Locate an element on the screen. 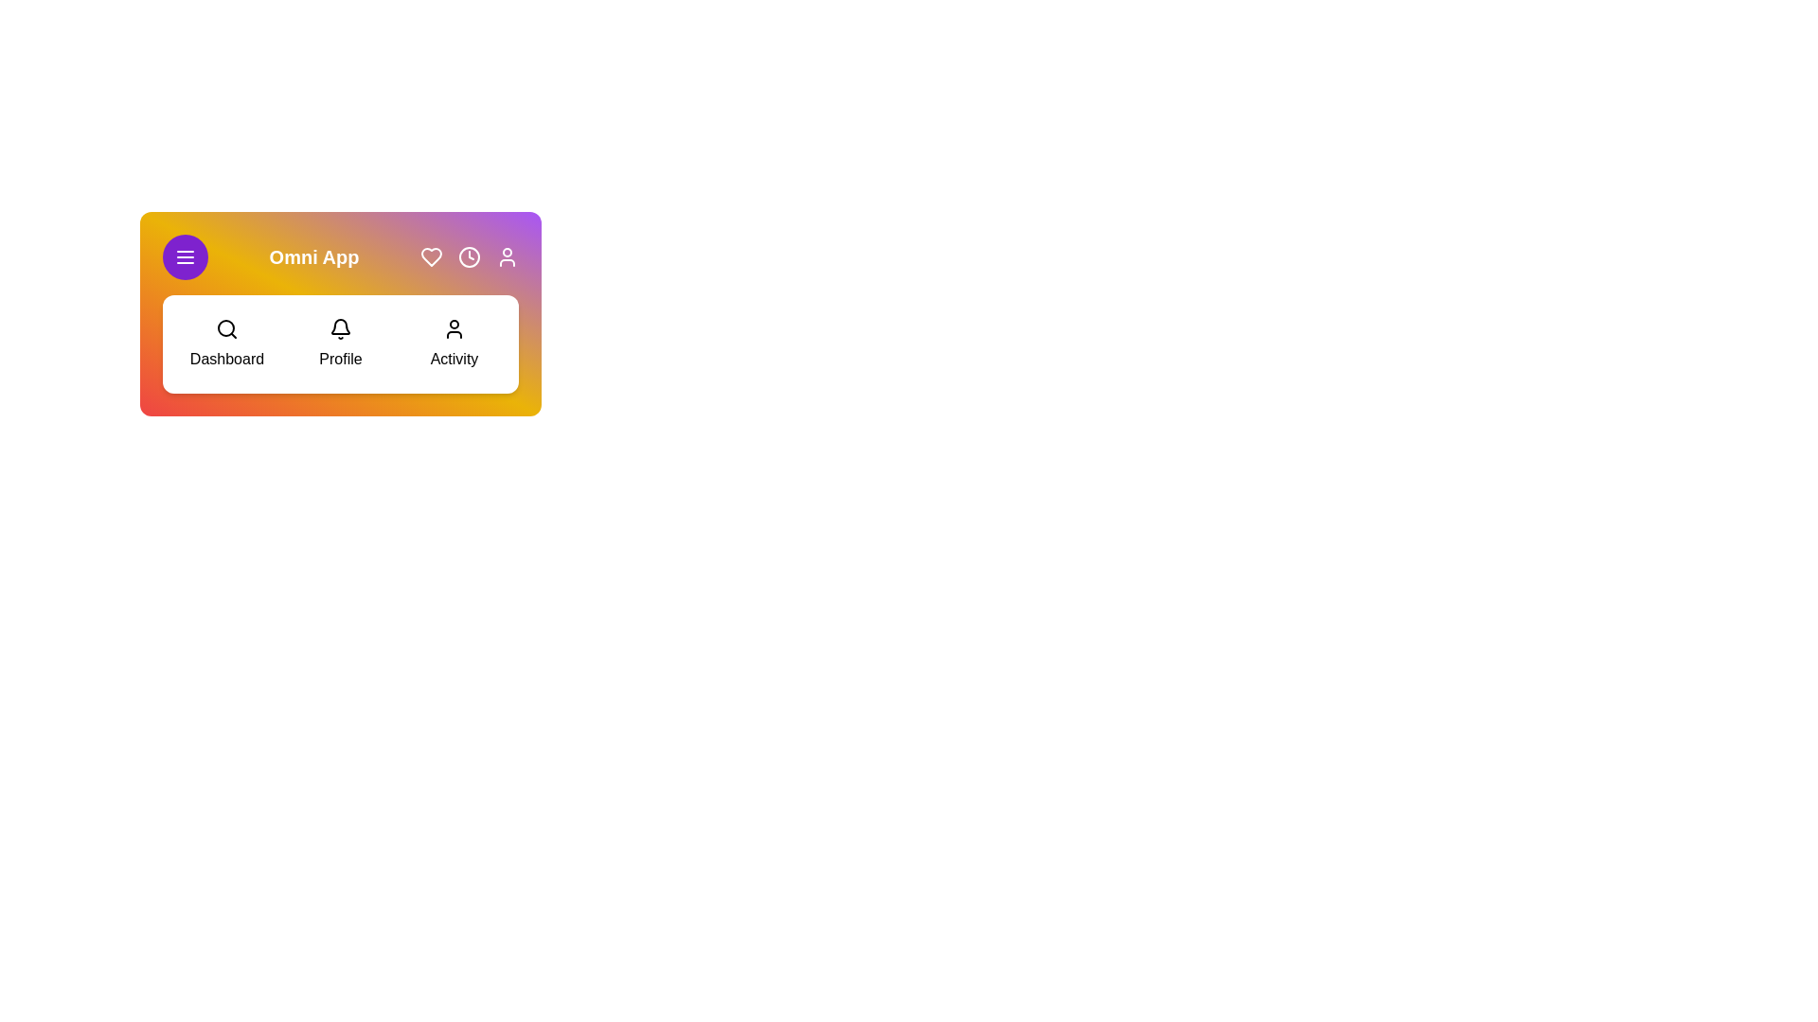 The width and height of the screenshot is (1818, 1022). the 'Activity' option in the menu is located at coordinates (454, 344).